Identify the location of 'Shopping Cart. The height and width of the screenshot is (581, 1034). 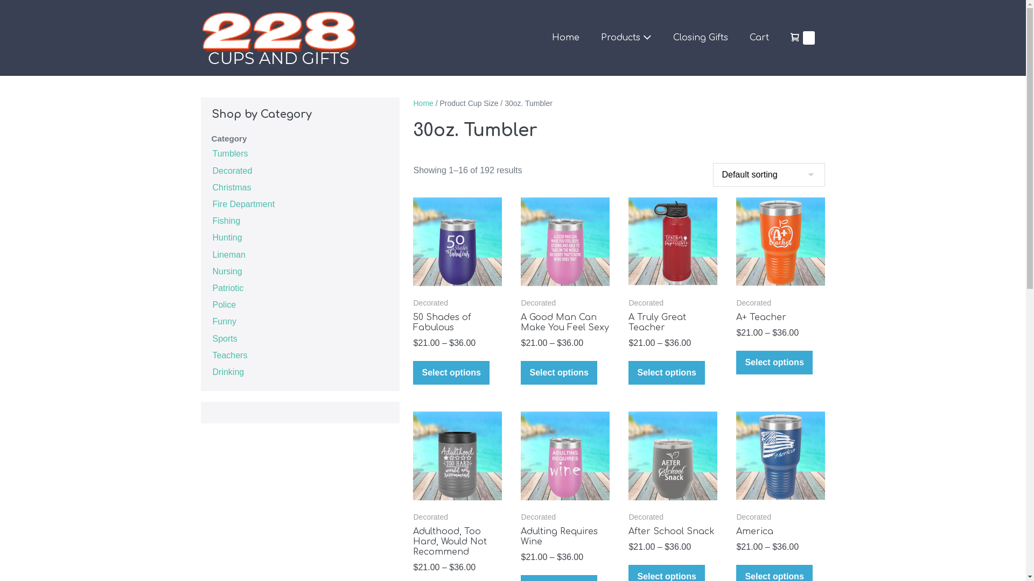
(802, 37).